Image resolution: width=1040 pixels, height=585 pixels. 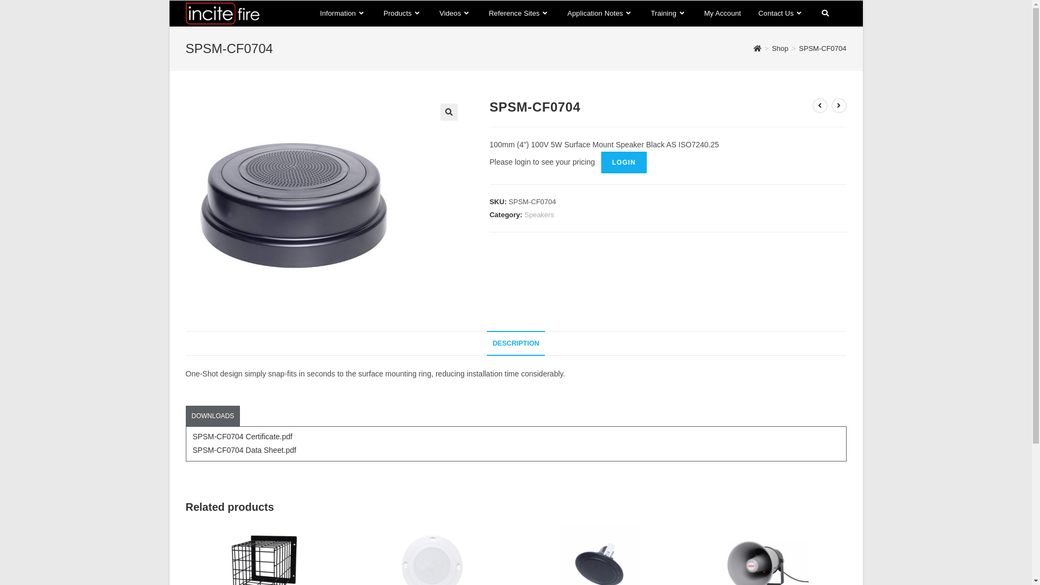 I want to click on 'Application Notes', so click(x=600, y=13).